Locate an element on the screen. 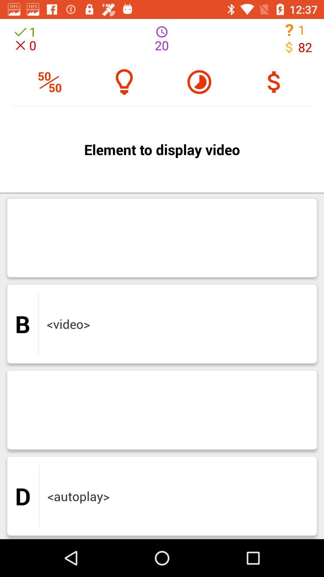 The width and height of the screenshot is (324, 577). the help icon is located at coordinates (124, 82).